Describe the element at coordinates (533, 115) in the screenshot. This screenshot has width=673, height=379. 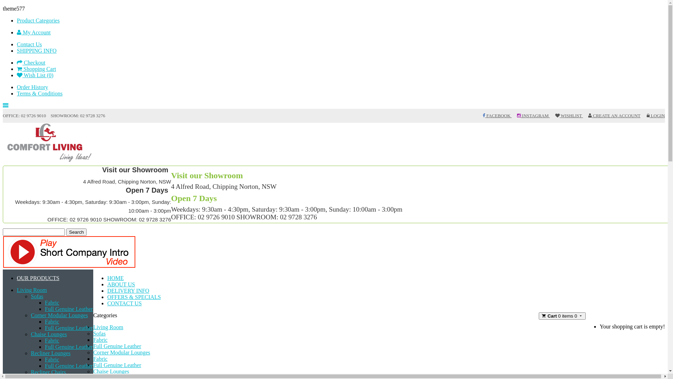
I see `'INSTAGRAM'` at that location.